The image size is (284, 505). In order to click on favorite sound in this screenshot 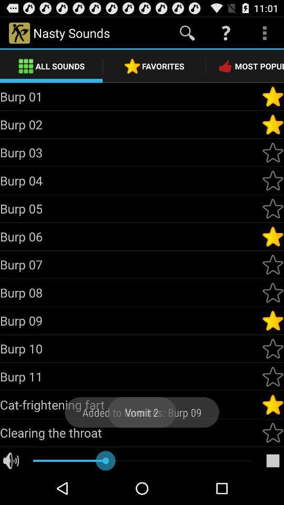, I will do `click(272, 320)`.